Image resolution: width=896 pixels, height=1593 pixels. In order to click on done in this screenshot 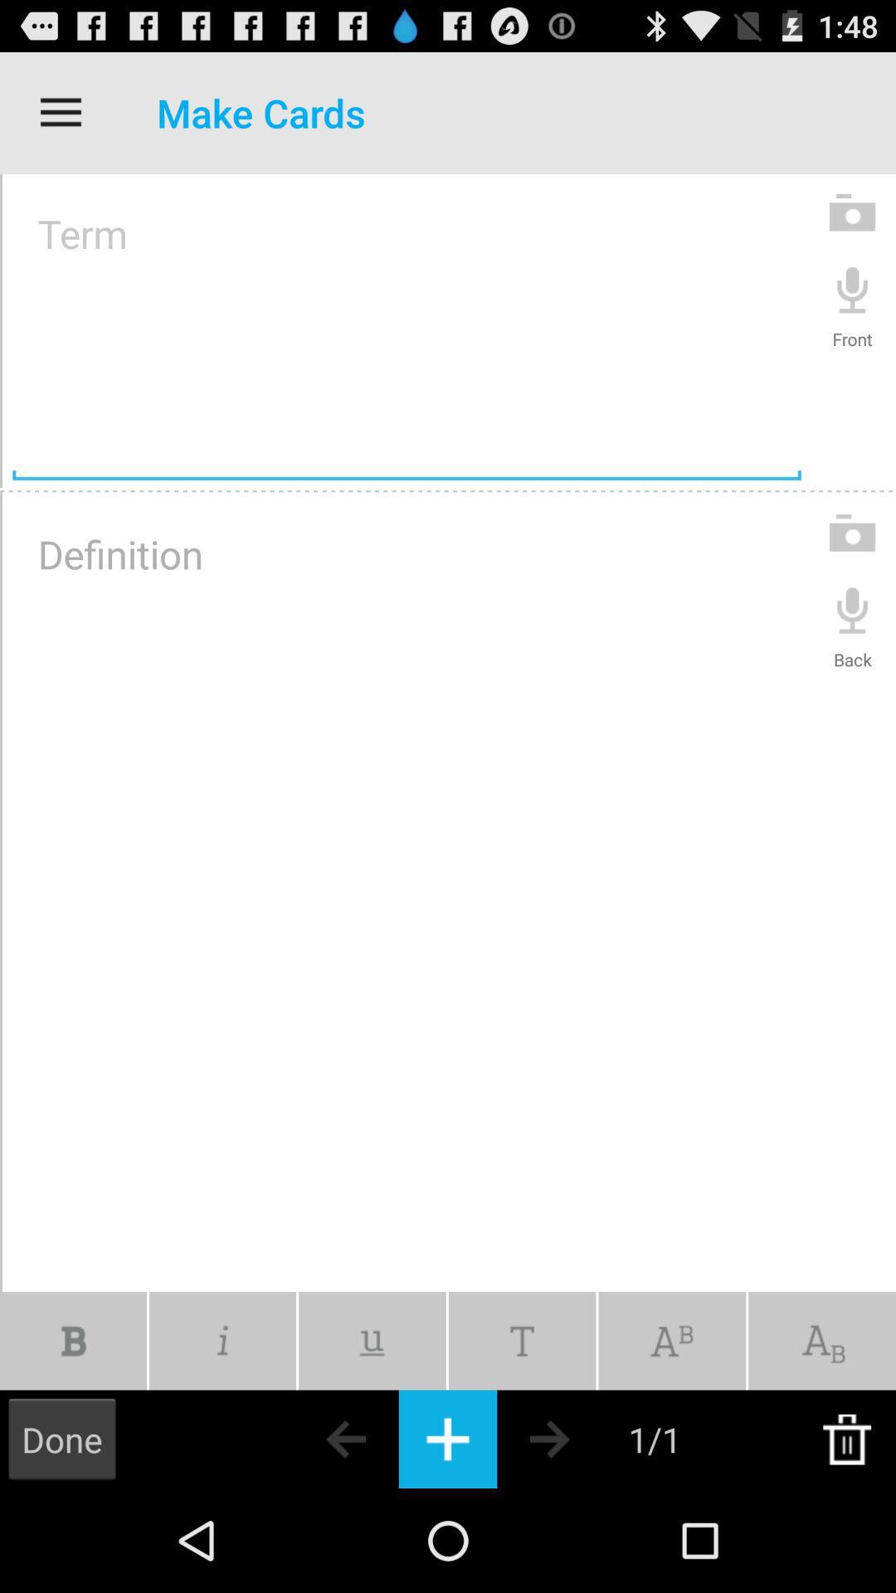, I will do `click(61, 1438)`.